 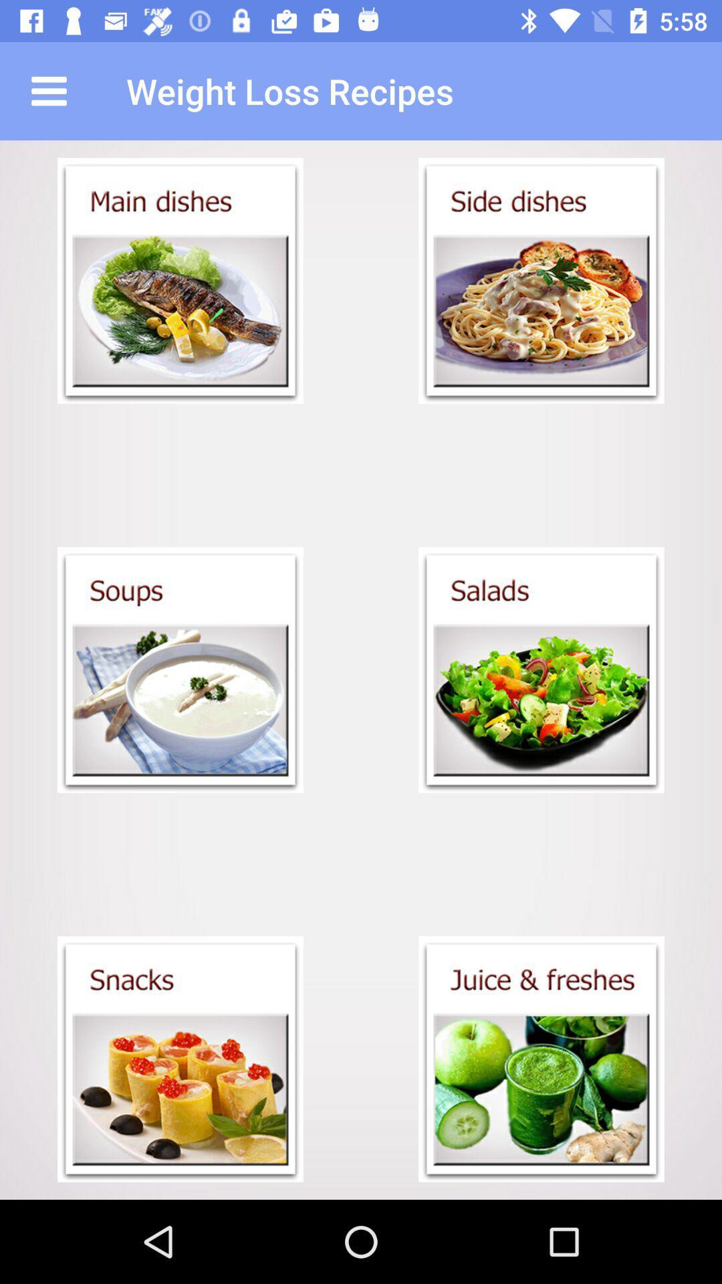 What do you see at coordinates (180, 670) in the screenshot?
I see `the soups menu open` at bounding box center [180, 670].